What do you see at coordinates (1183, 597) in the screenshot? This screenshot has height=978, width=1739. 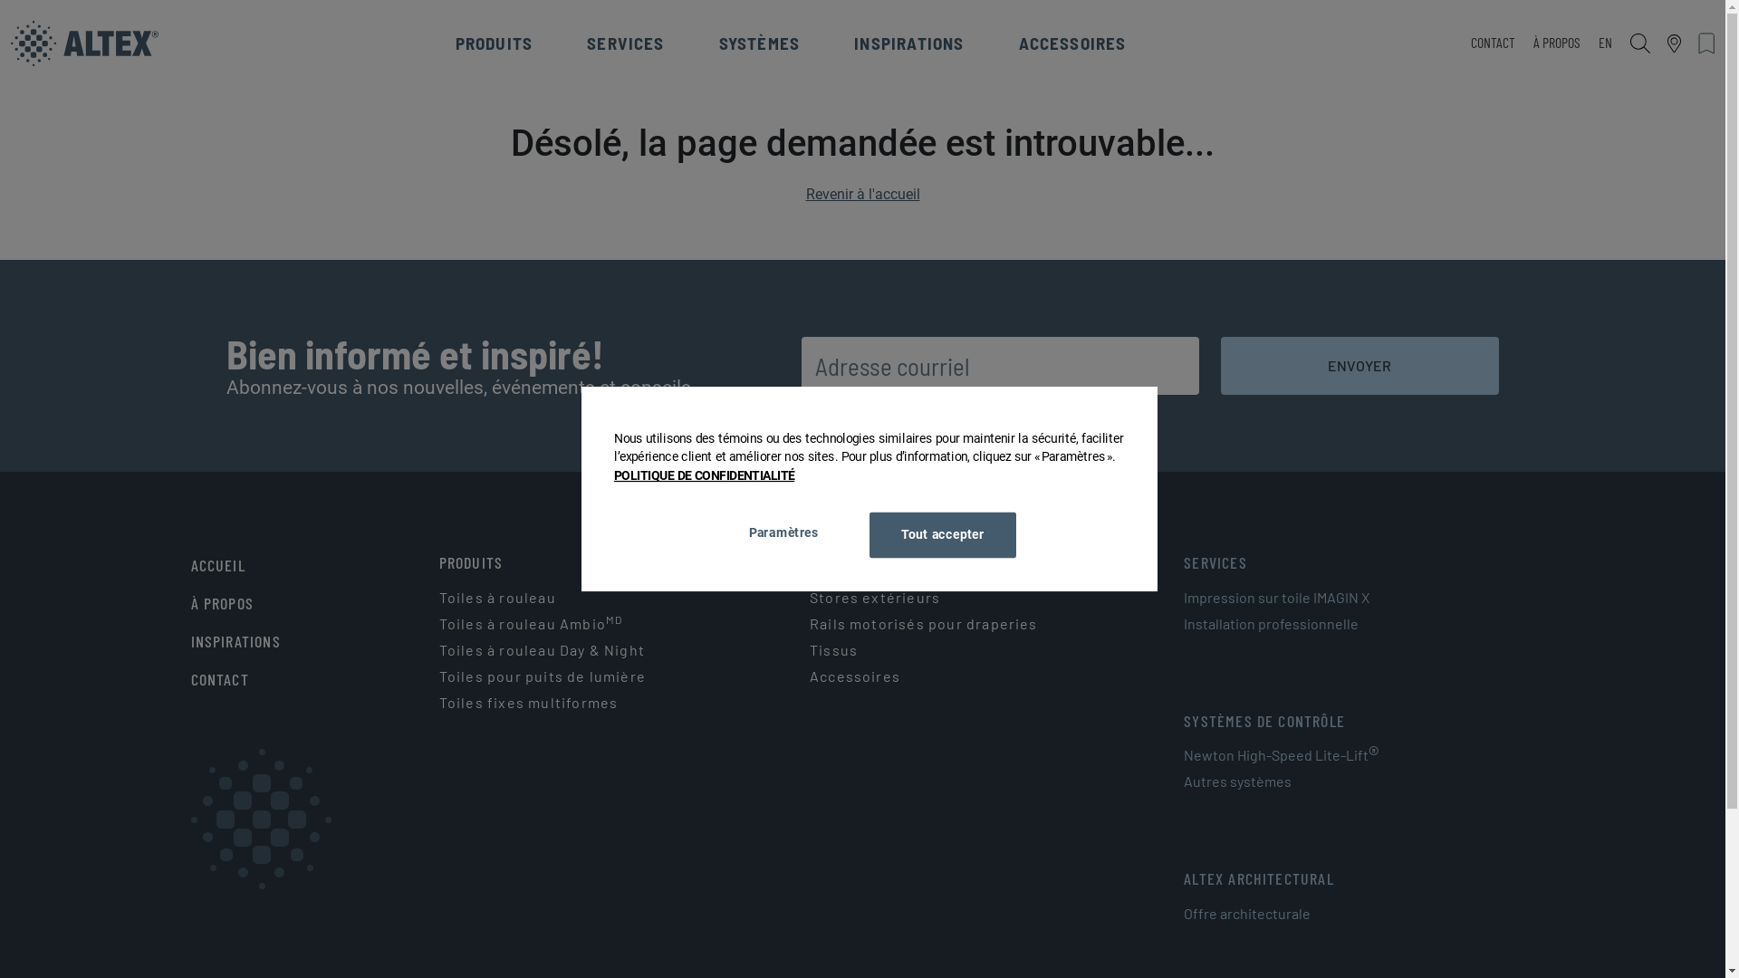 I see `'Impression sur toile IMAGIN X'` at bounding box center [1183, 597].